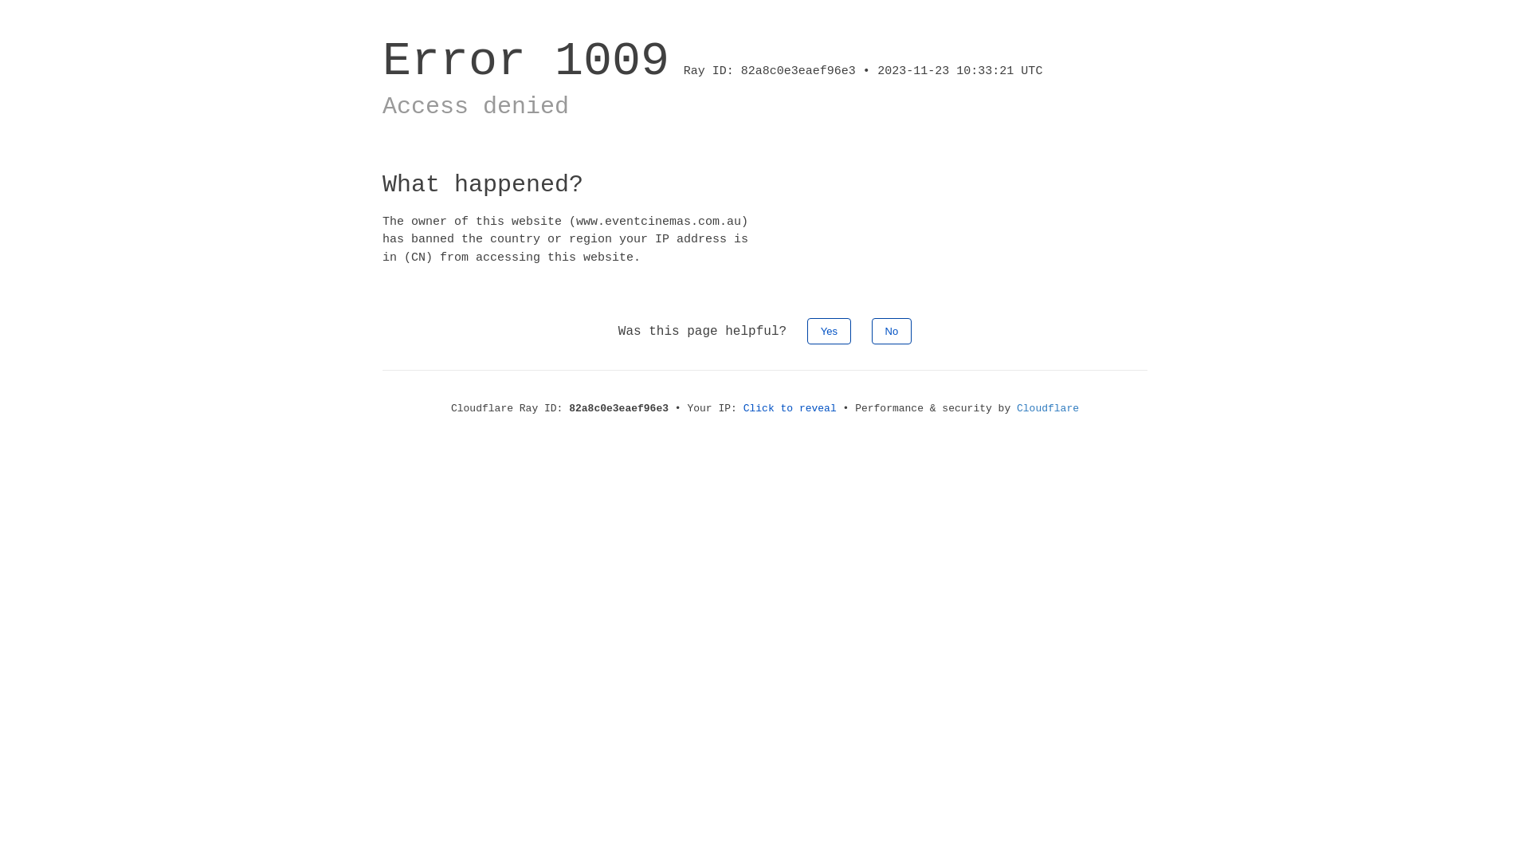 The width and height of the screenshot is (1530, 861). I want to click on 'No', so click(891, 330).